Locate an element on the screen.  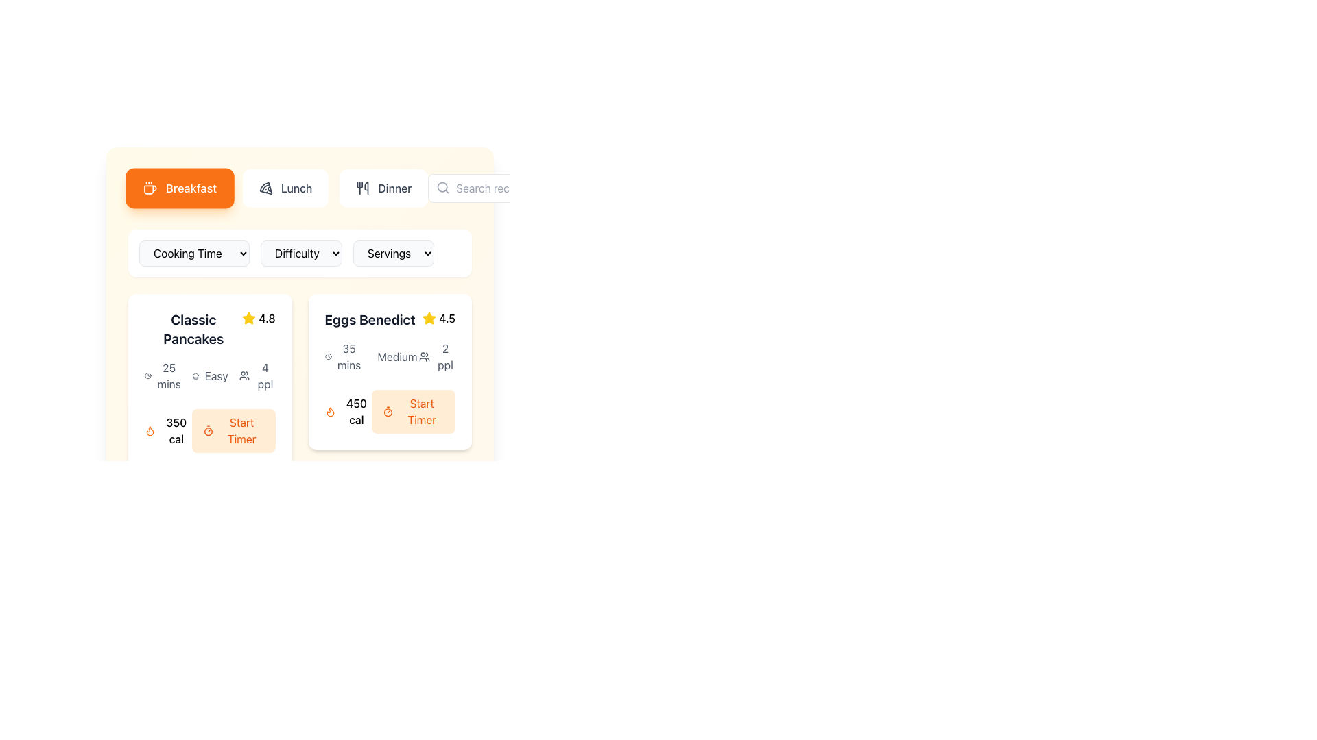
the Text label displaying the serving size for the recipe, which indicates that it serves four people, located in the card interface under the 'Classic Pancakes' section is located at coordinates (265, 375).